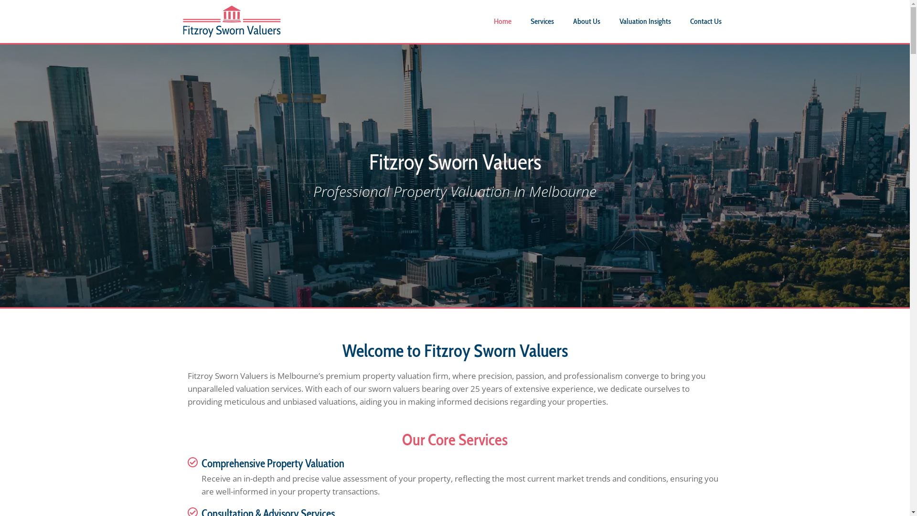 This screenshot has height=516, width=917. What do you see at coordinates (706, 21) in the screenshot?
I see `'Contact Us'` at bounding box center [706, 21].